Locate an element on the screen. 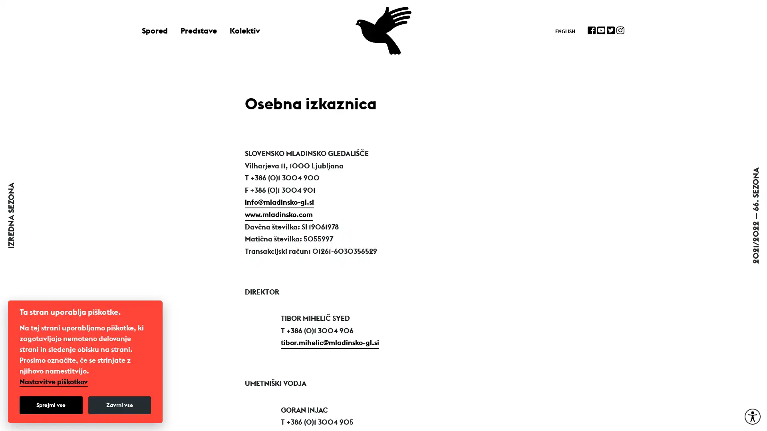  Zavrni vse is located at coordinates (119, 405).